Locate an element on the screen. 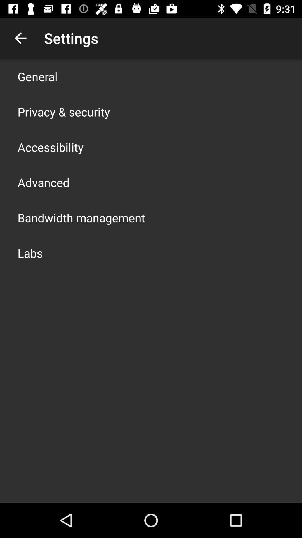 This screenshot has height=538, width=302. the item next to the settings app is located at coordinates (20, 38).